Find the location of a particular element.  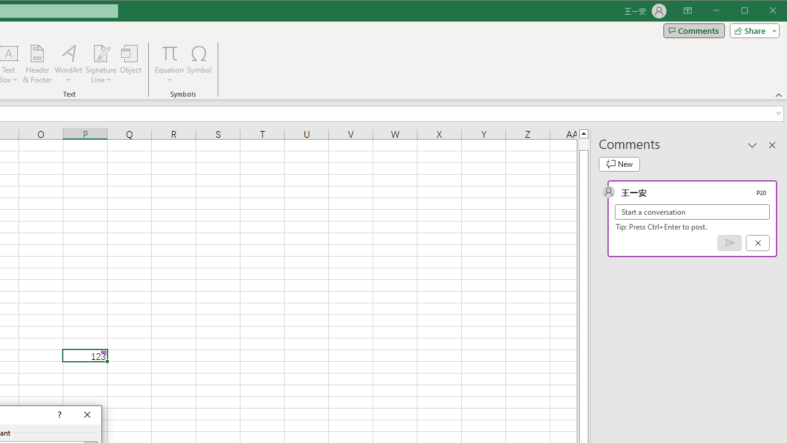

'Task Pane Options' is located at coordinates (752, 144).